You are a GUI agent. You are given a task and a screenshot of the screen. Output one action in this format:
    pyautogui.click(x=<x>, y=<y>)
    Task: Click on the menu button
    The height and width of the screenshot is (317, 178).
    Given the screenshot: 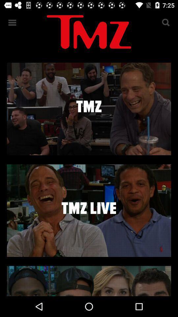 What is the action you would take?
    pyautogui.click(x=12, y=22)
    